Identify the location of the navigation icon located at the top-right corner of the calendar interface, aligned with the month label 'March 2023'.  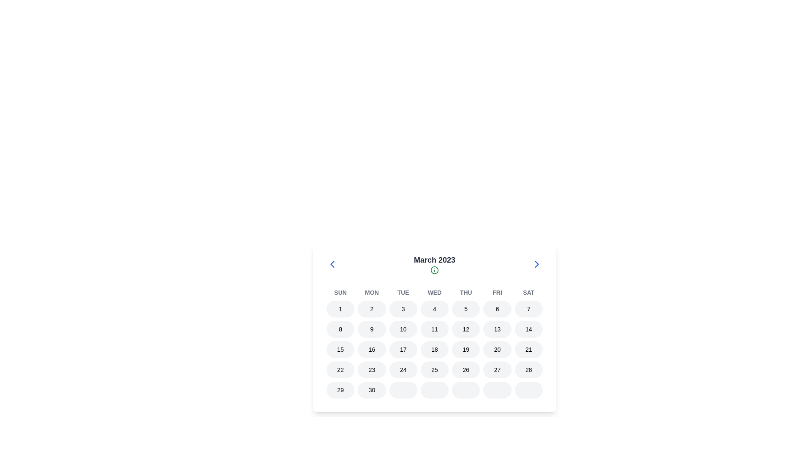
(536, 263).